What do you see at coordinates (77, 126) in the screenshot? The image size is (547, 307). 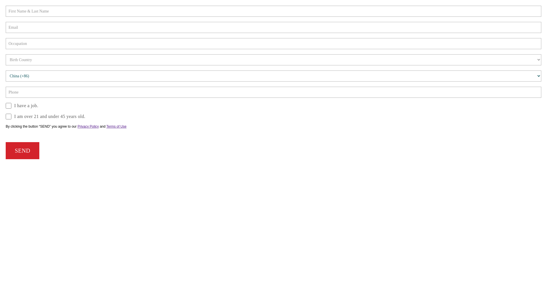 I see `'Privacy Policy'` at bounding box center [77, 126].